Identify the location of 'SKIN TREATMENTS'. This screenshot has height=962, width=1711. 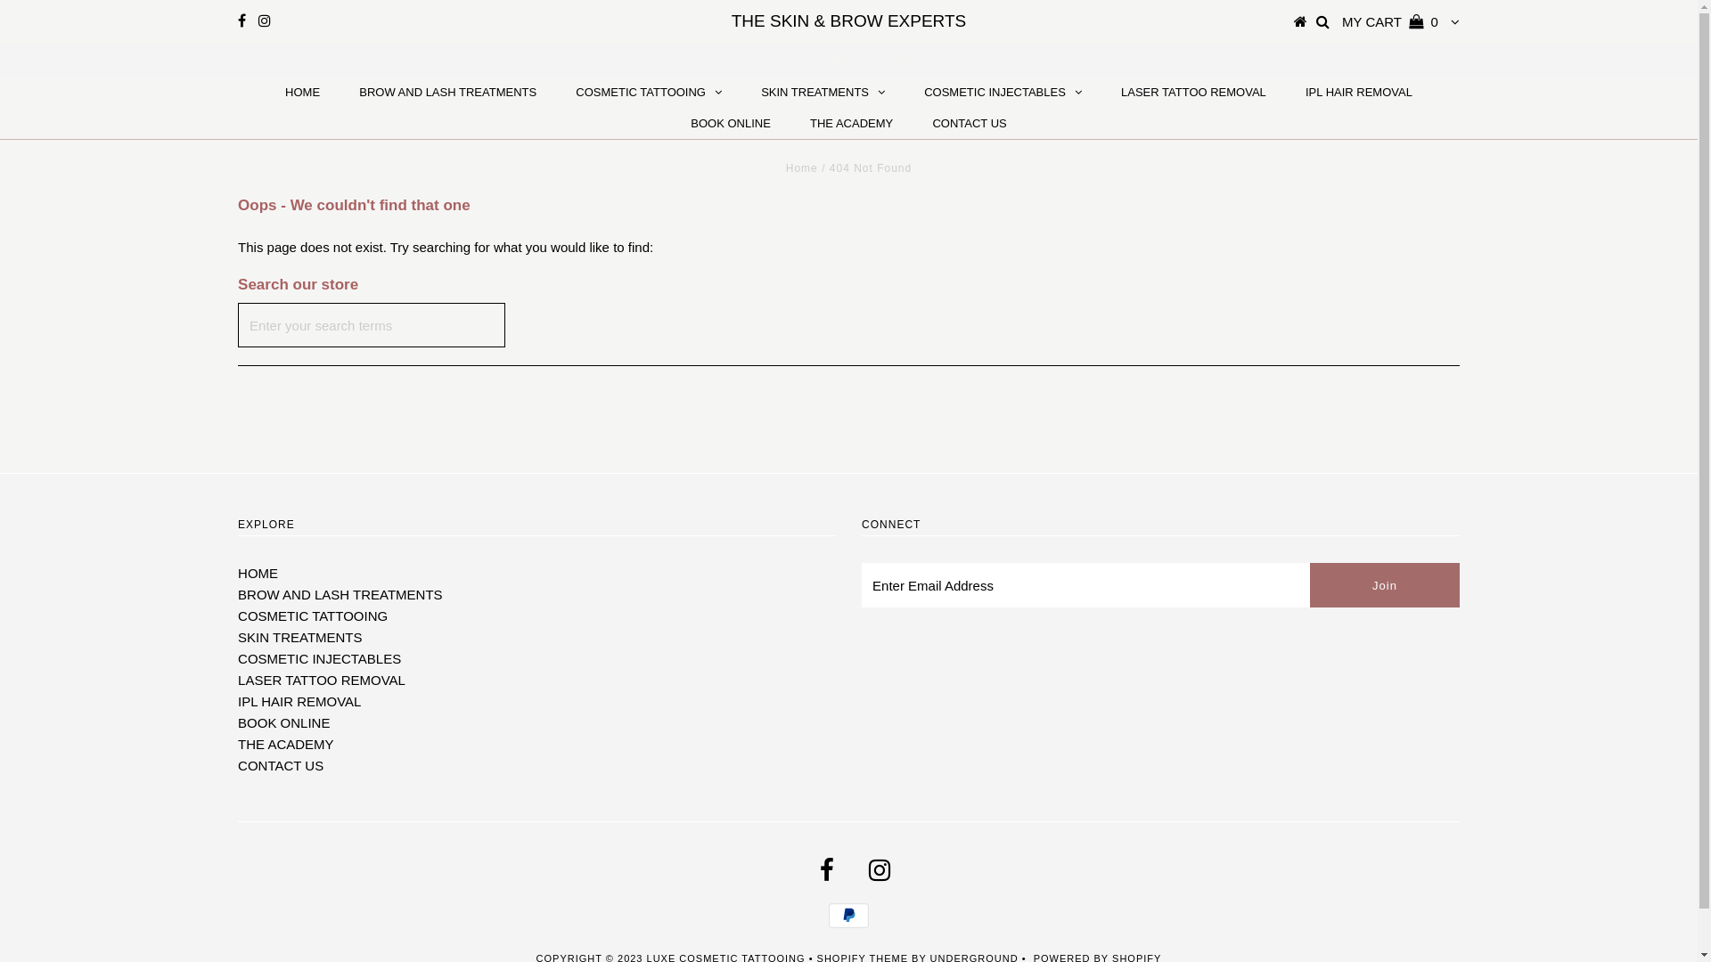
(299, 636).